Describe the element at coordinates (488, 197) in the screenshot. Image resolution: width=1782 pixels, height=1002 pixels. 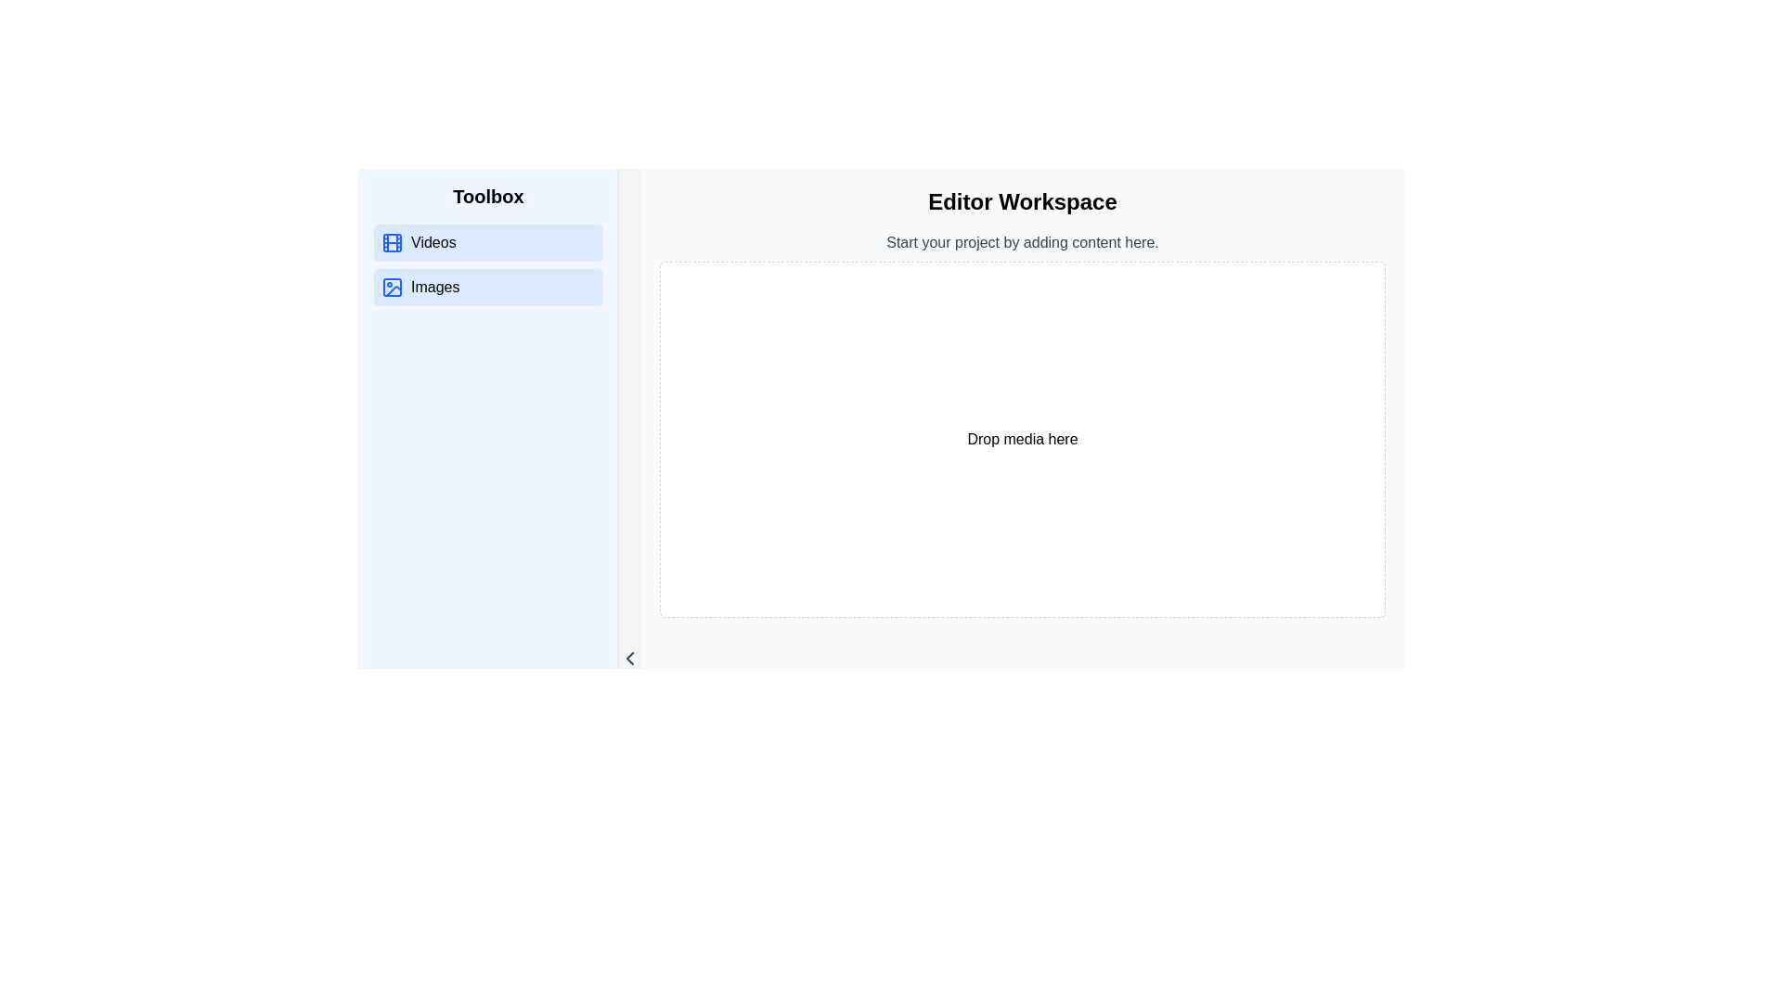
I see `the header text element located at the top of the sidebar, which categorizes the adjacent menu section for 'Videos' and 'Images'` at that location.